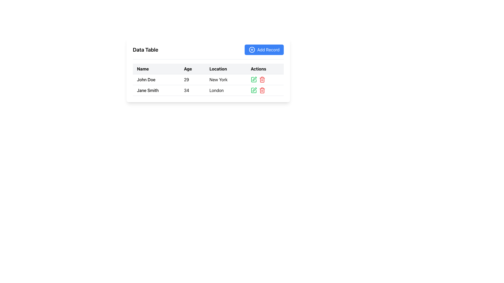  I want to click on the pair of icon buttons consisting of a green pencil and a red trash can located in the last column of the second row of the table under the 'Actions' column, which corresponds to 'Jane Smith', so click(265, 90).